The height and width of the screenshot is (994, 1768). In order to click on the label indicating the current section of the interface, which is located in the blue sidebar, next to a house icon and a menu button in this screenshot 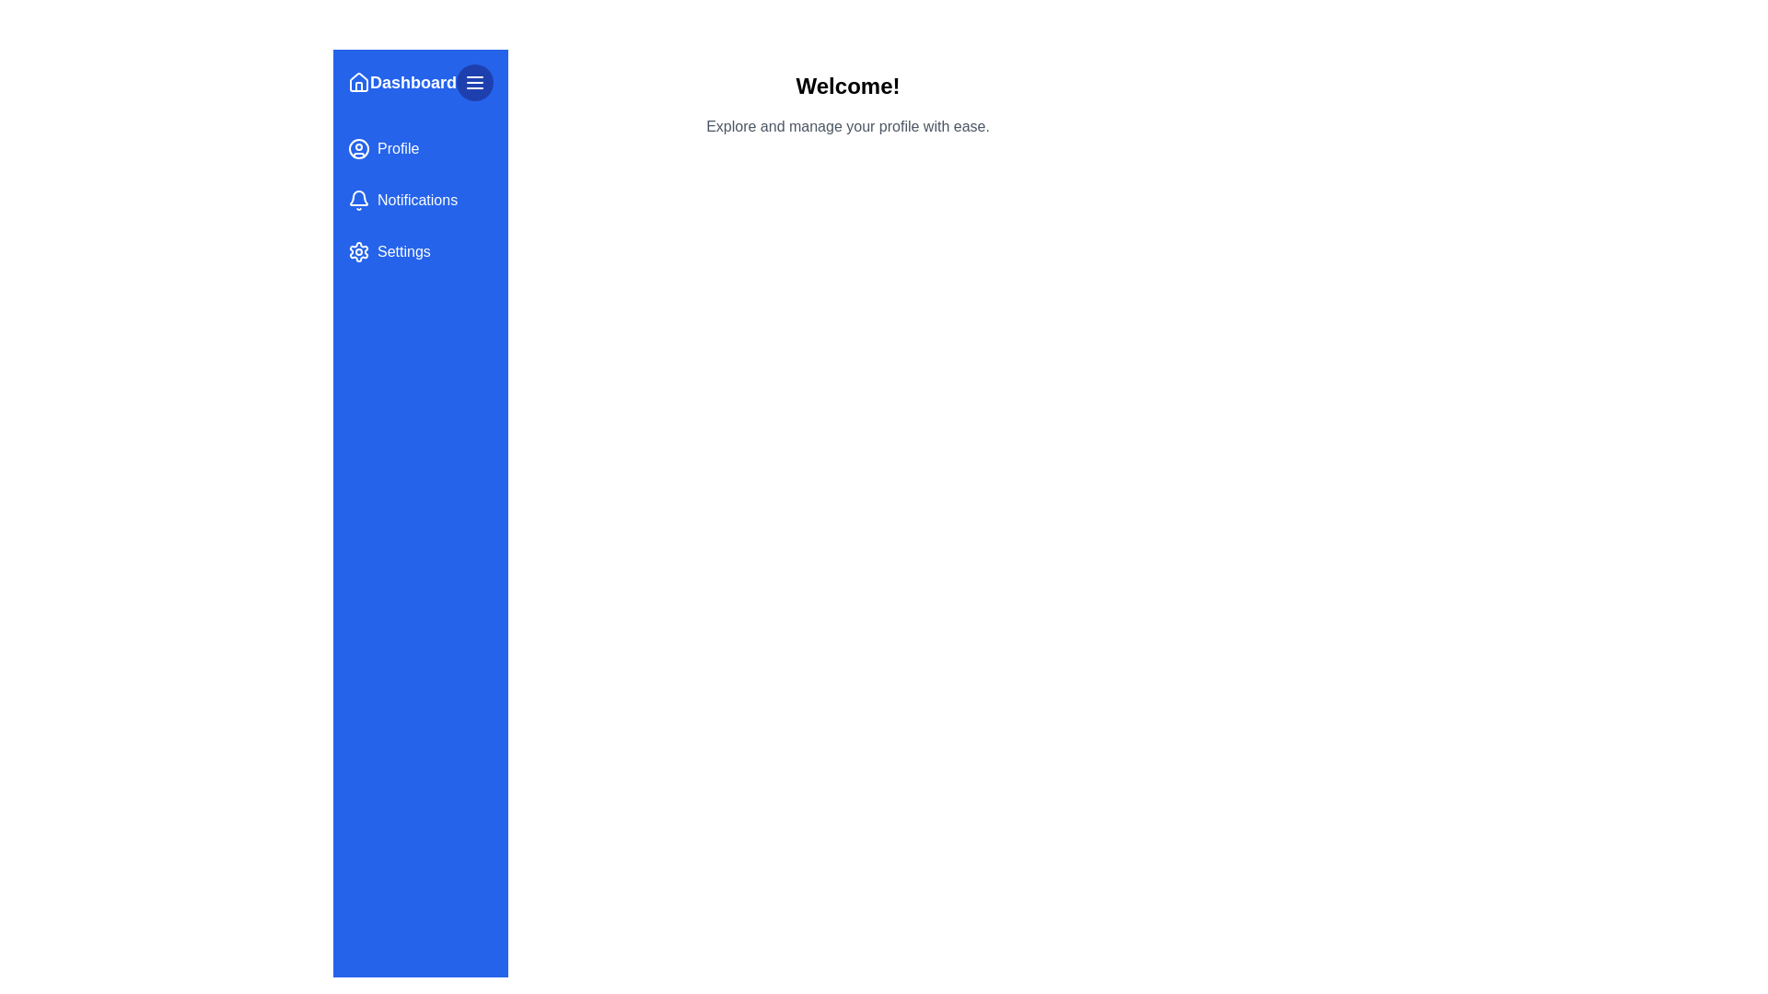, I will do `click(413, 81)`.